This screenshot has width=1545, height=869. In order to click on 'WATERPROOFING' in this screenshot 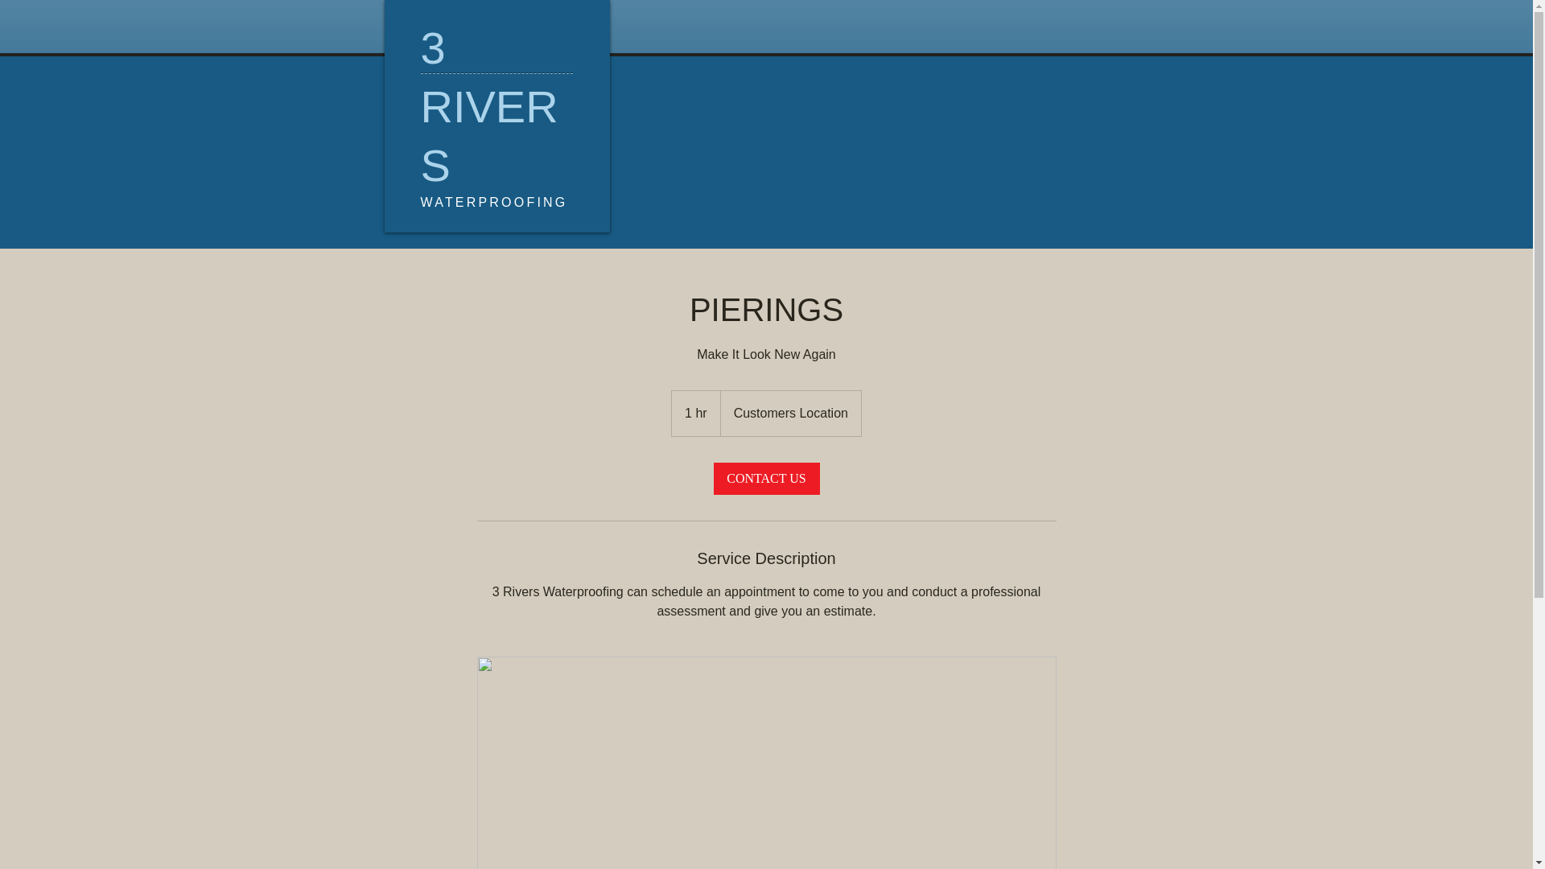, I will do `click(492, 201)`.